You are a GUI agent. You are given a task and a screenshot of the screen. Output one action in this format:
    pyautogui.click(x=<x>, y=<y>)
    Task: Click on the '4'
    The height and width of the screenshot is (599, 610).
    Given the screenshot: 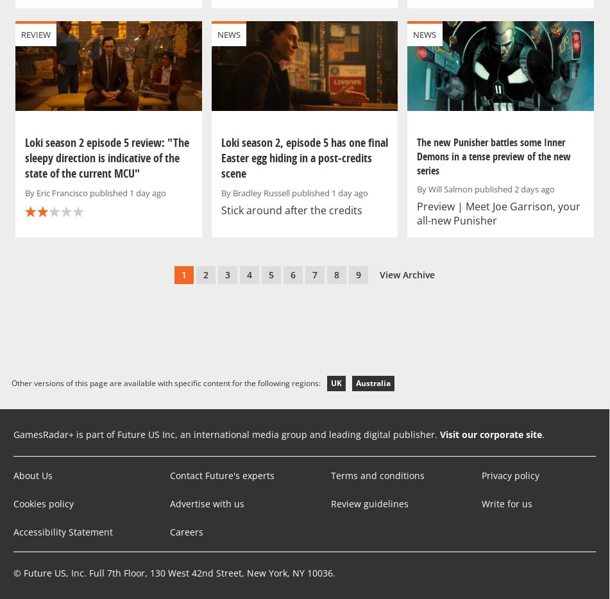 What is the action you would take?
    pyautogui.click(x=246, y=274)
    